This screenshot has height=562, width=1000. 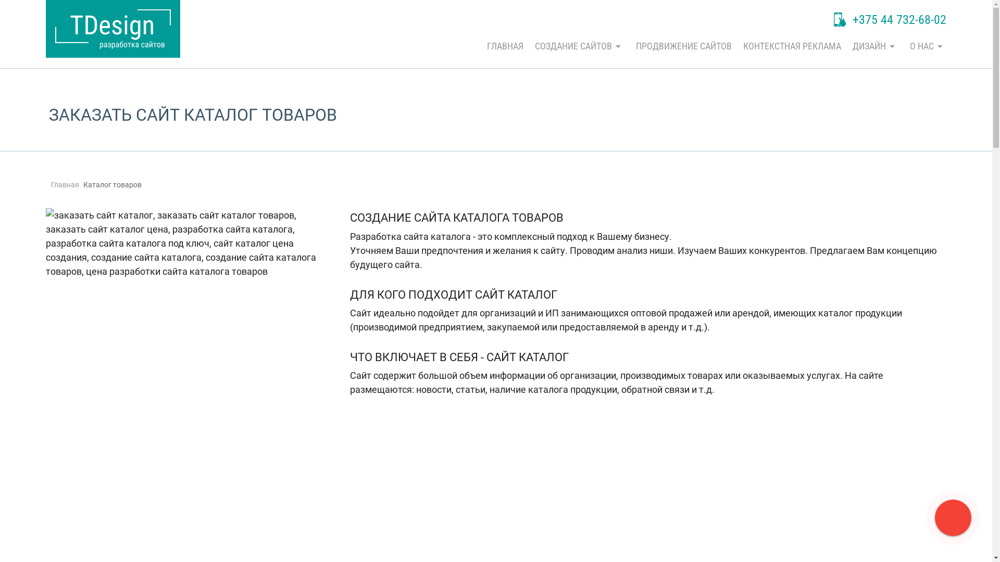 I want to click on '+375 44 732-68-02', so click(x=889, y=20).